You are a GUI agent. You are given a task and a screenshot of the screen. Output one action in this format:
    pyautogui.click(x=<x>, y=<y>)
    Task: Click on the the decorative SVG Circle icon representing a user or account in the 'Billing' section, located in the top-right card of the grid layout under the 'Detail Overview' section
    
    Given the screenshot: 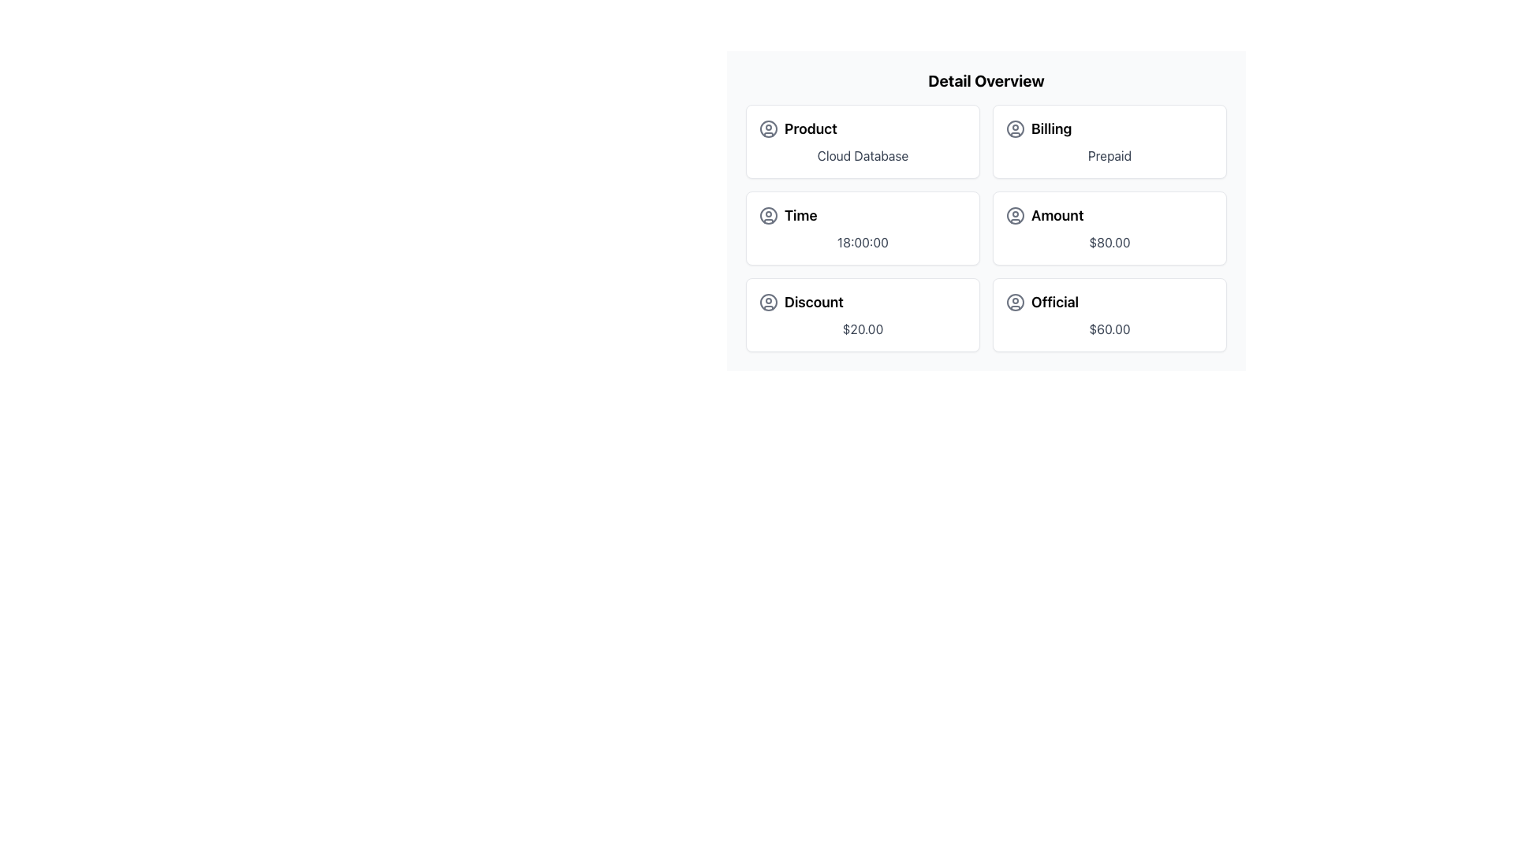 What is the action you would take?
    pyautogui.click(x=1015, y=128)
    